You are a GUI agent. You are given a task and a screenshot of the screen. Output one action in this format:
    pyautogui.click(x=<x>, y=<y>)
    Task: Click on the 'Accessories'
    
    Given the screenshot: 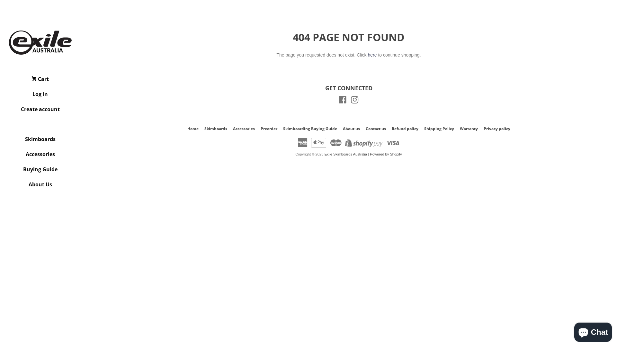 What is the action you would take?
    pyautogui.click(x=40, y=156)
    